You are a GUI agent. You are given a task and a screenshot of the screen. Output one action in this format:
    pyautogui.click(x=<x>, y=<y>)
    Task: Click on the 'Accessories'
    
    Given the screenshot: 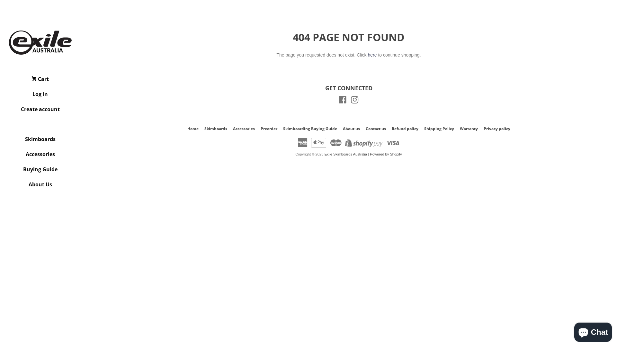 What is the action you would take?
    pyautogui.click(x=40, y=156)
    